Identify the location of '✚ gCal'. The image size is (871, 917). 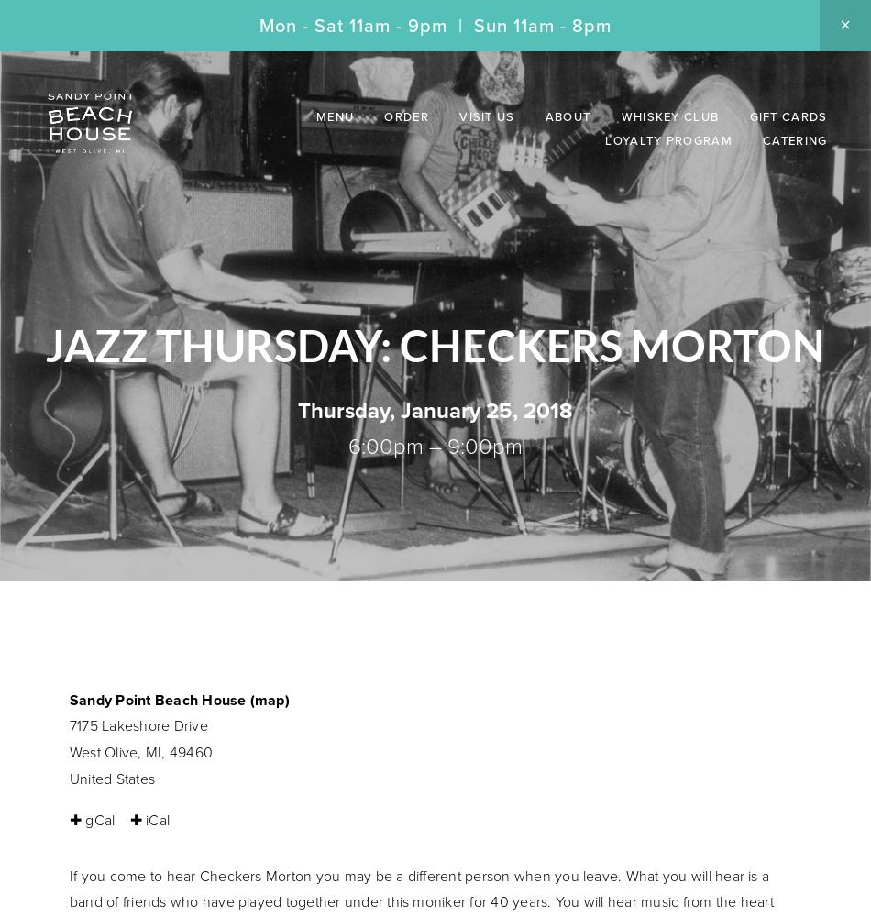
(92, 819).